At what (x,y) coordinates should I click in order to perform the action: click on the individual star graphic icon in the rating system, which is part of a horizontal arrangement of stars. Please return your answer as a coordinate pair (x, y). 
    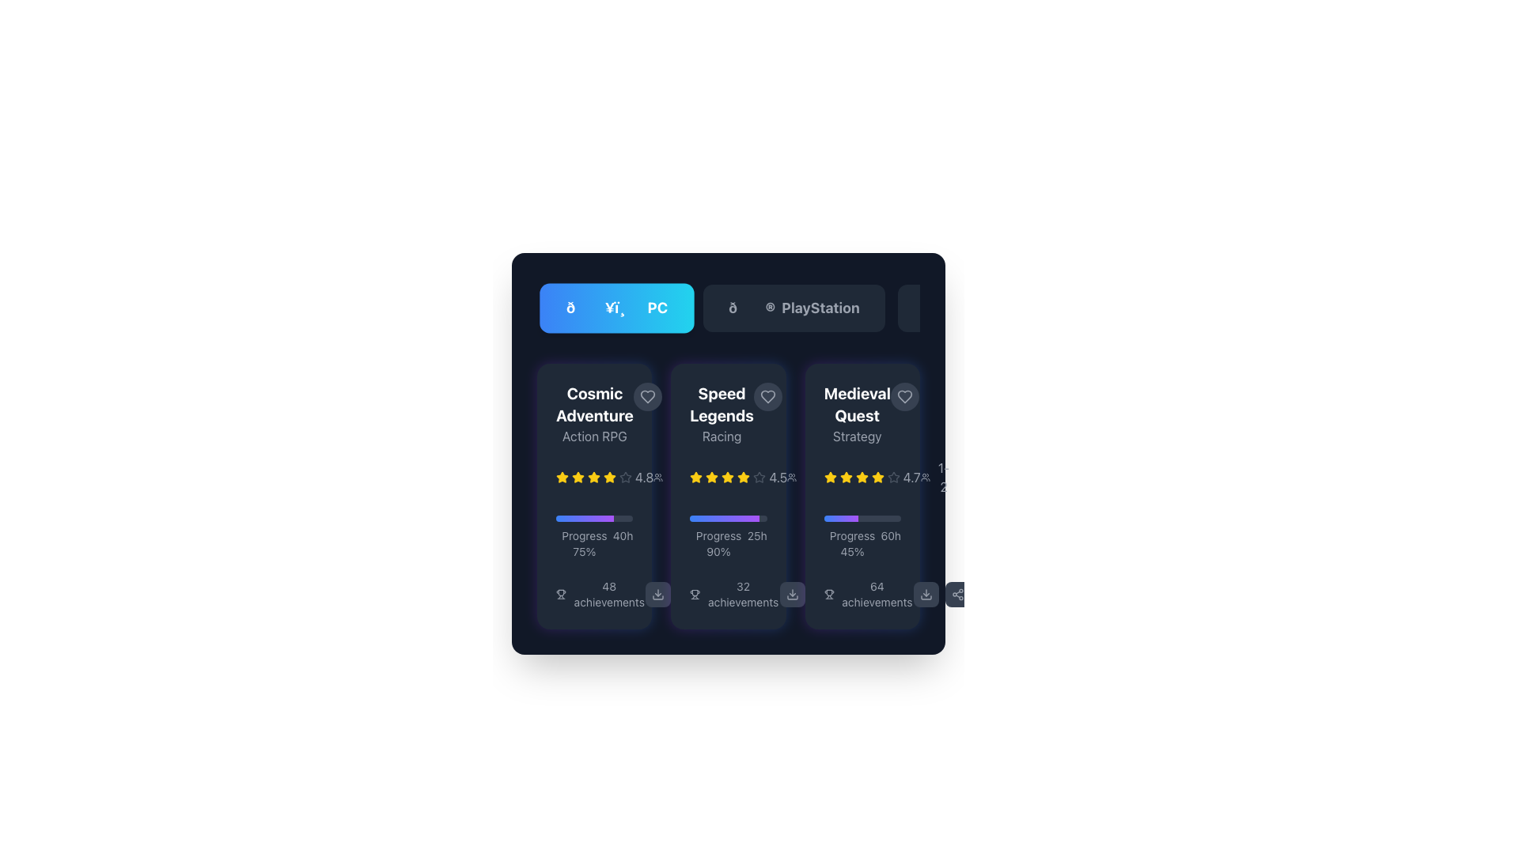
    Looking at the image, I should click on (625, 476).